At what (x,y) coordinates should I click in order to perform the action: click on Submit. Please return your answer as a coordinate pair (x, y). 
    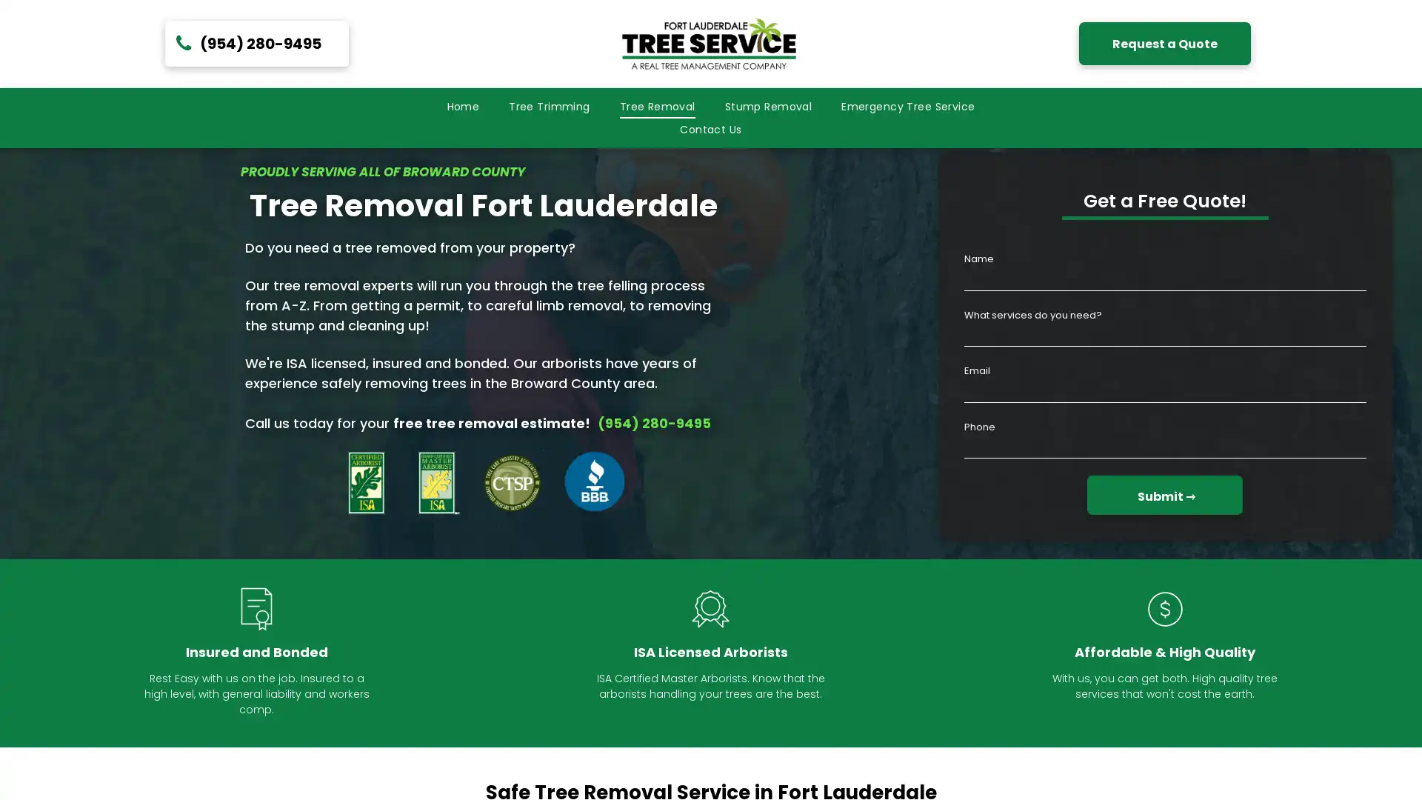
    Looking at the image, I should click on (1165, 496).